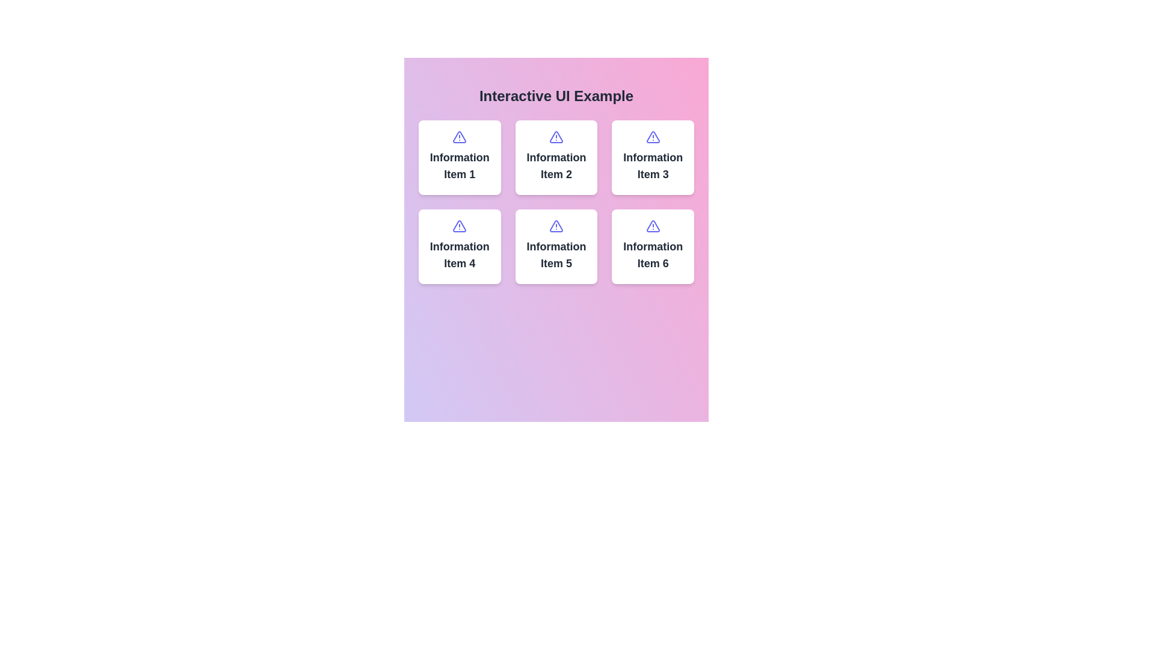 The image size is (1155, 650). What do you see at coordinates (652, 136) in the screenshot?
I see `the alert icon located in the top-right corner of the card labeled 'Information Item 3'` at bounding box center [652, 136].